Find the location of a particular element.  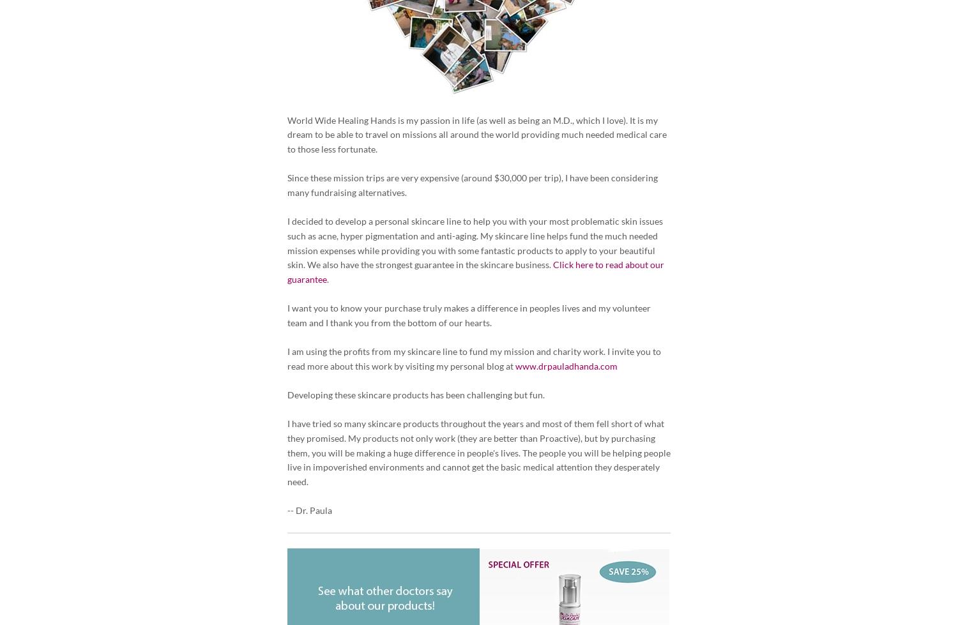

'www.drpauladhanda.com' is located at coordinates (566, 365).